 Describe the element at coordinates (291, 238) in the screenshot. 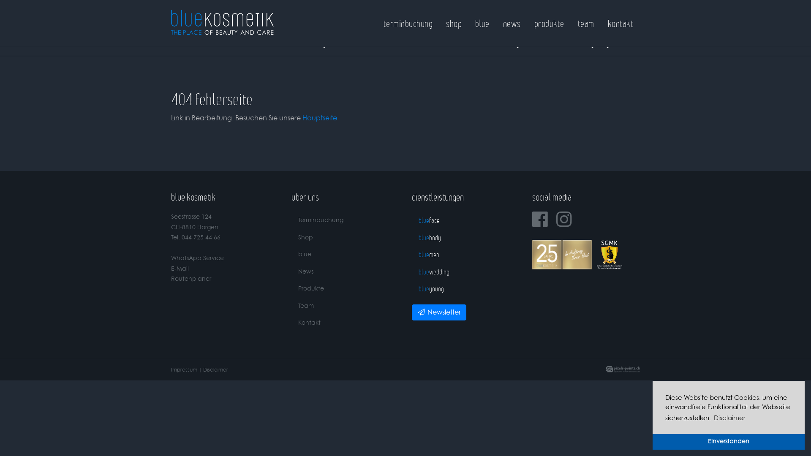

I see `'Shop'` at that location.